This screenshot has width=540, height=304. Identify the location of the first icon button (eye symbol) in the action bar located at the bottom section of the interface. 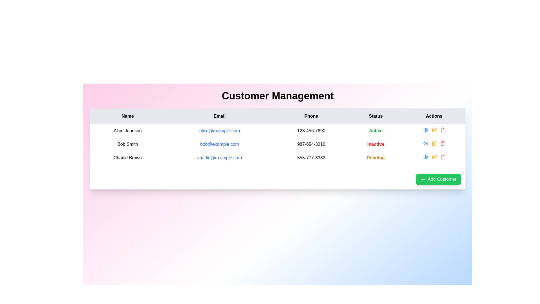
(426, 157).